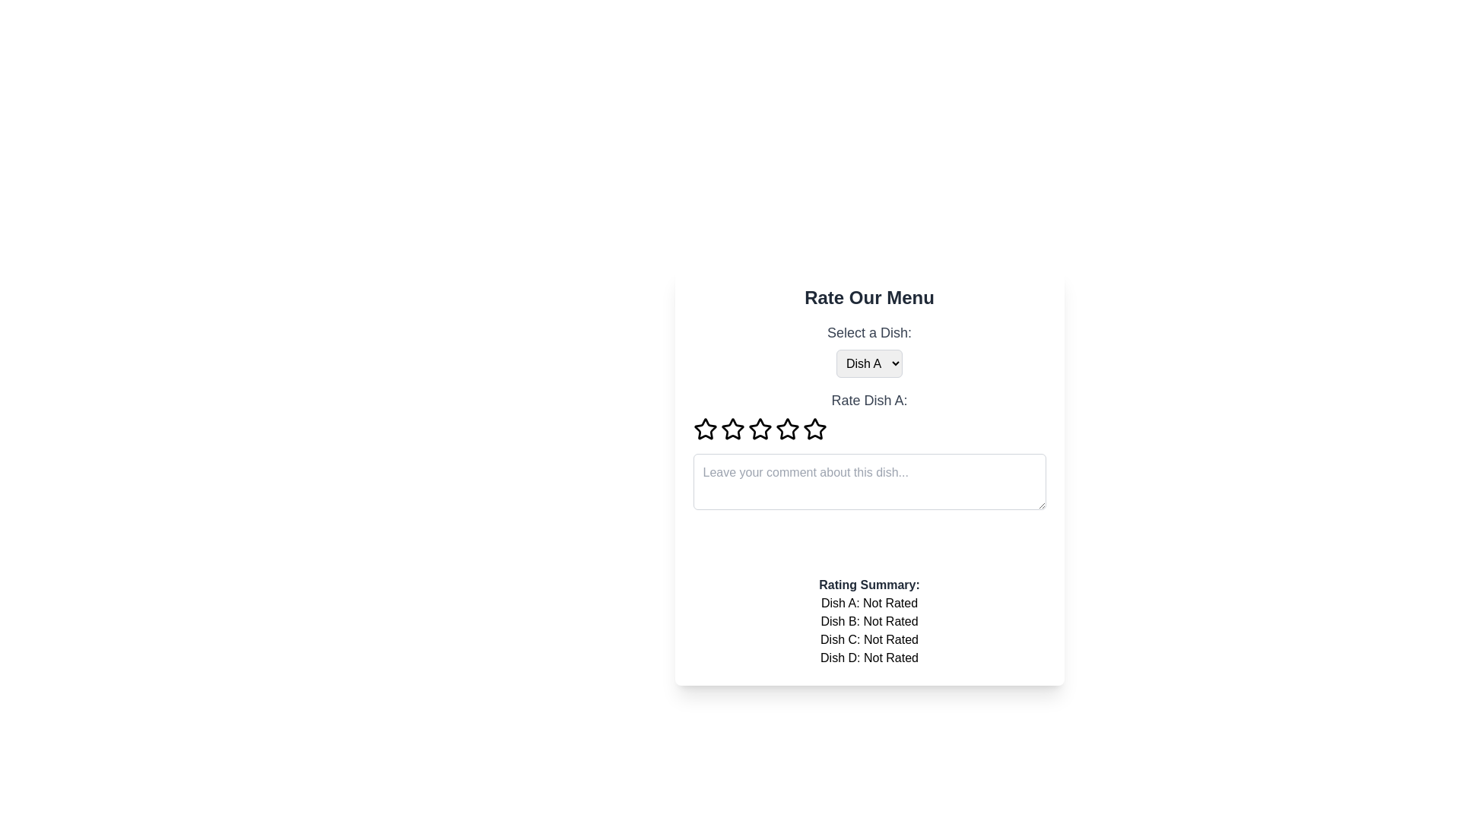  What do you see at coordinates (814, 429) in the screenshot?
I see `the fourth star-shaped rating icon beneath the 'Rate Dish A' heading` at bounding box center [814, 429].